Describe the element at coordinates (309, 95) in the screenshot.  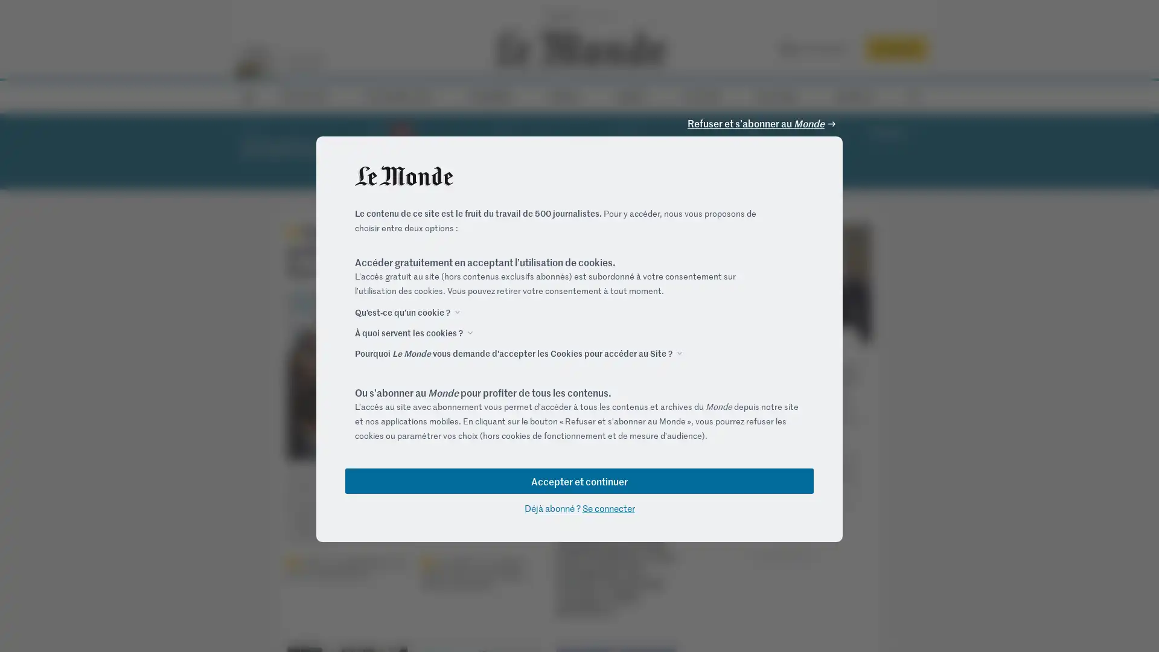
I see `ACTUALITES` at that location.